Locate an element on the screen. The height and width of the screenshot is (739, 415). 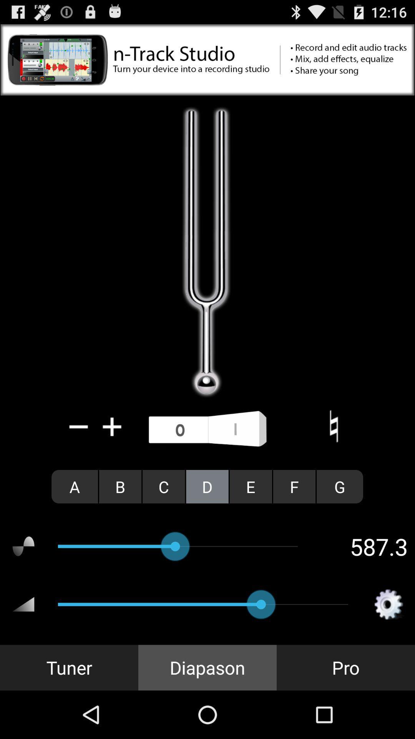
the note is located at coordinates (333, 426).